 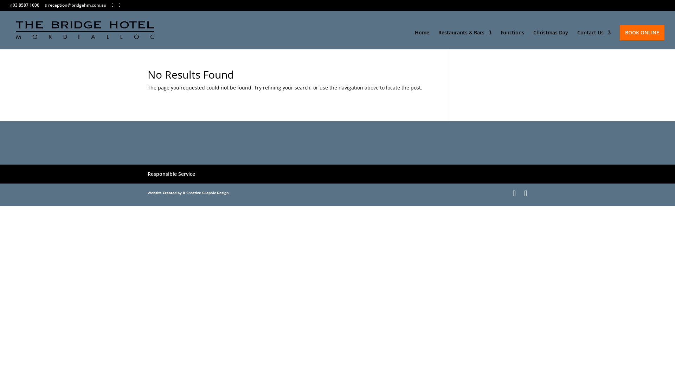 What do you see at coordinates (422, 39) in the screenshot?
I see `'Home'` at bounding box center [422, 39].